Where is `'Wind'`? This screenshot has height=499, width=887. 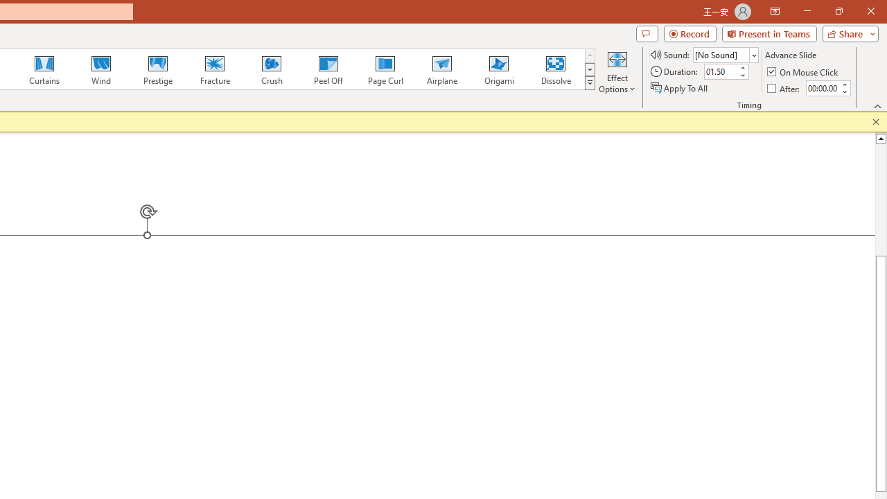
'Wind' is located at coordinates (100, 69).